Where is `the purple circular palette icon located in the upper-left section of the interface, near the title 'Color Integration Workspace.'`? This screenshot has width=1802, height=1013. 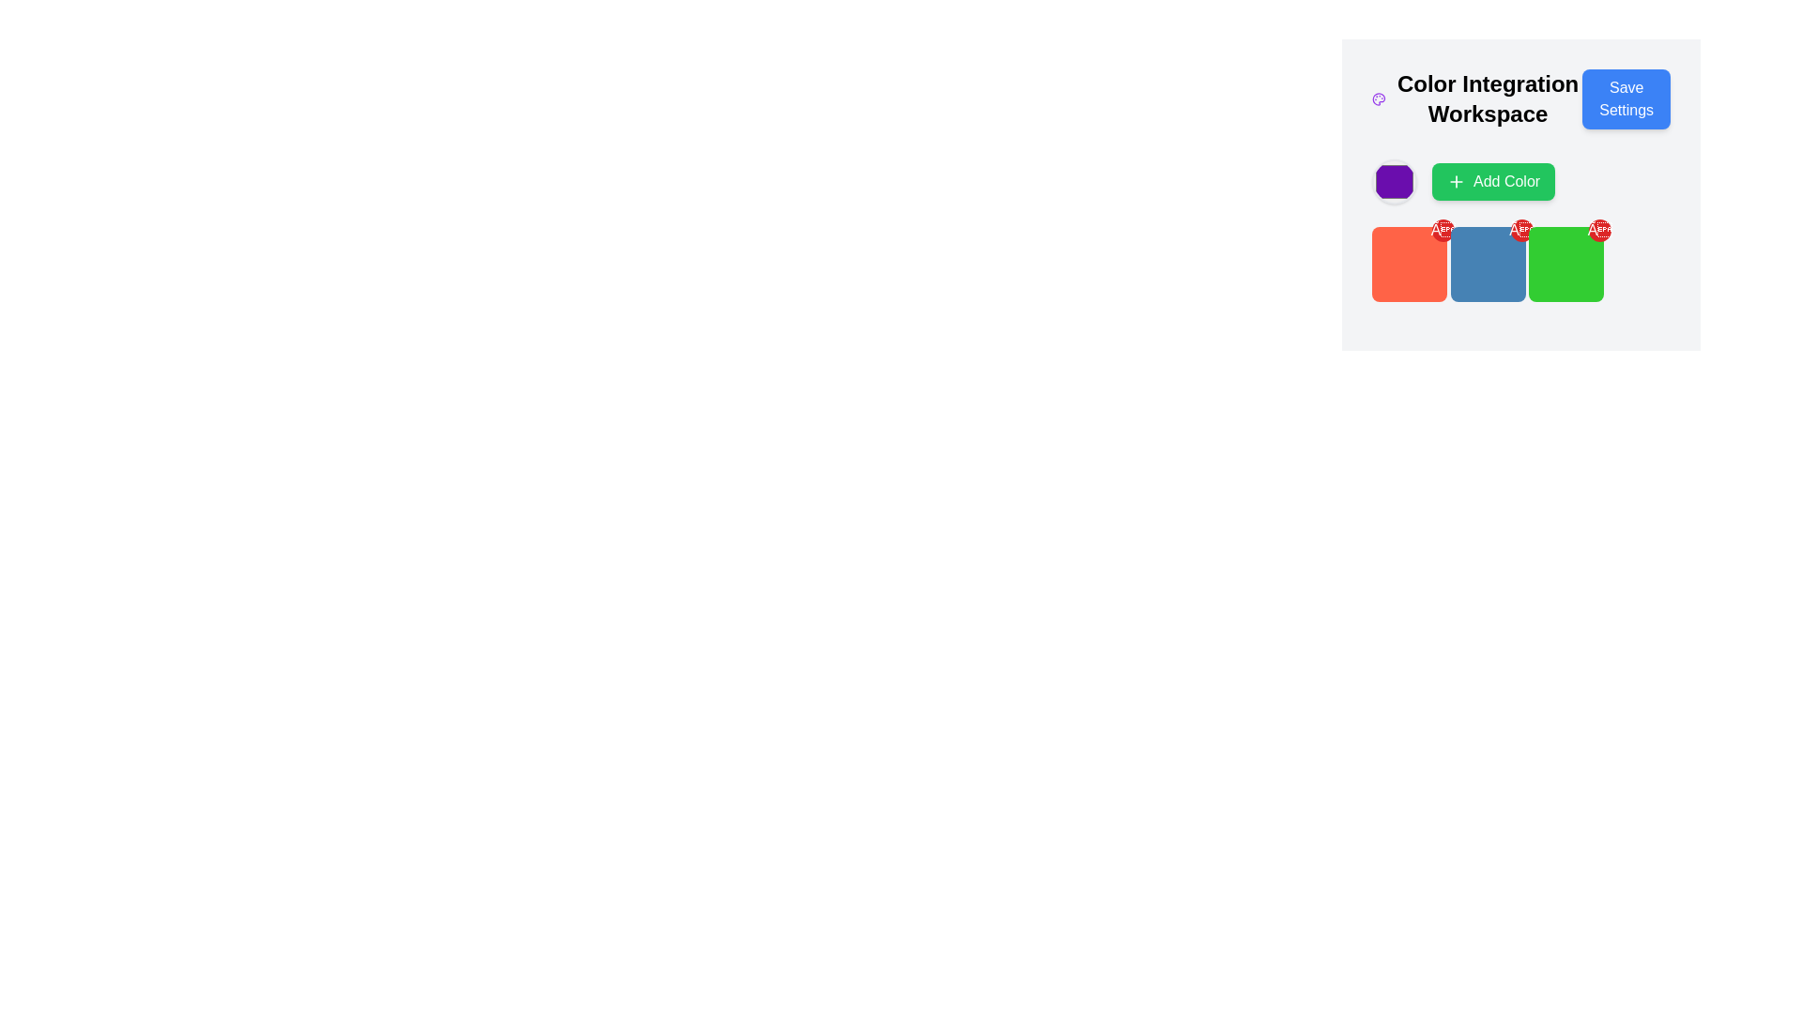
the purple circular palette icon located in the upper-left section of the interface, near the title 'Color Integration Workspace.' is located at coordinates (1379, 98).